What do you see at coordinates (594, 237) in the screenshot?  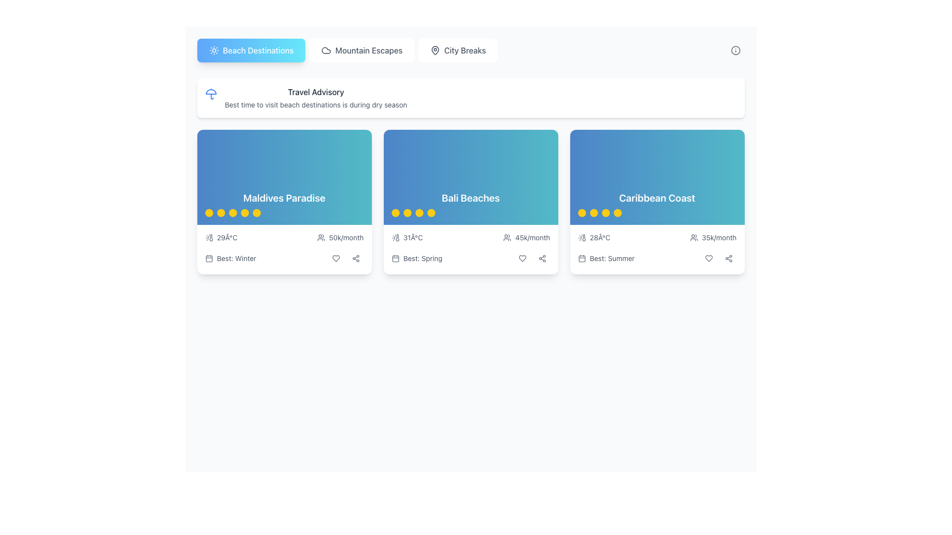 I see `the Label displaying the current temperature for the 'Caribbean Coast' destination, located in the bottom section of its card, to the left of '35k/month' and above 'Best: Summer'` at bounding box center [594, 237].